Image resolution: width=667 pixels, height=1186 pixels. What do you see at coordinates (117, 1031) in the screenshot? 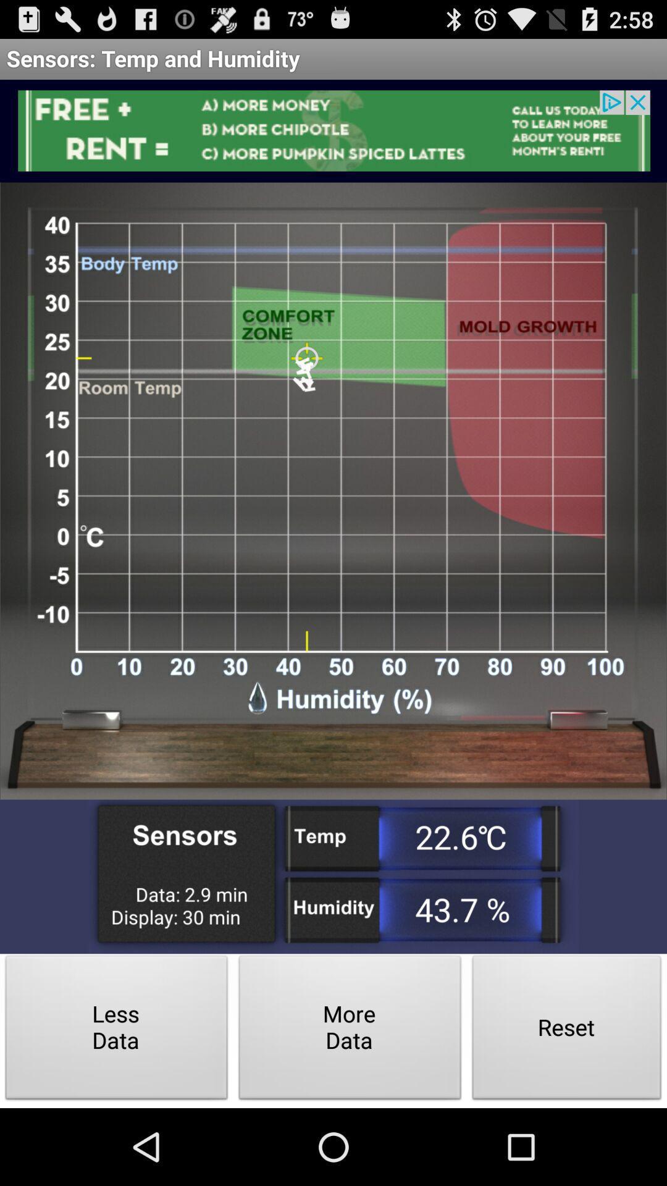
I see `button at the bottom left corner` at bounding box center [117, 1031].